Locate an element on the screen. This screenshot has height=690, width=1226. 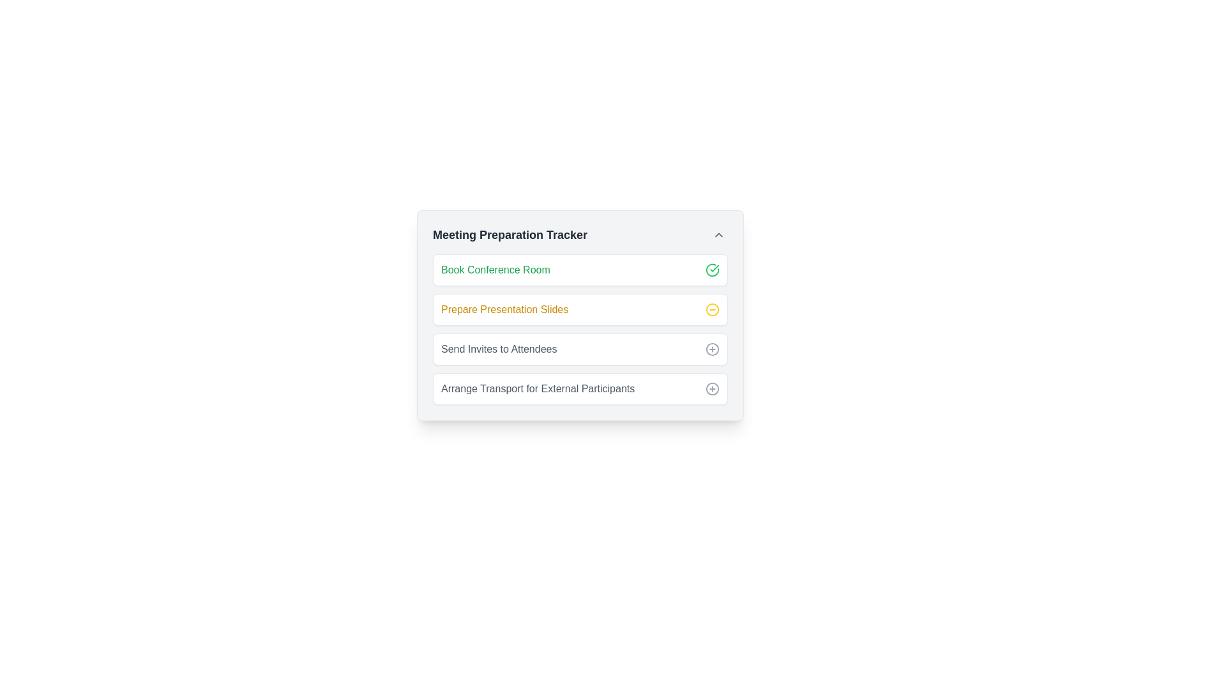
the upward-pointing chevron icon in dark gray located at the top-right corner of the 'Meeting Preparation Tracker' card header is located at coordinates (719, 234).